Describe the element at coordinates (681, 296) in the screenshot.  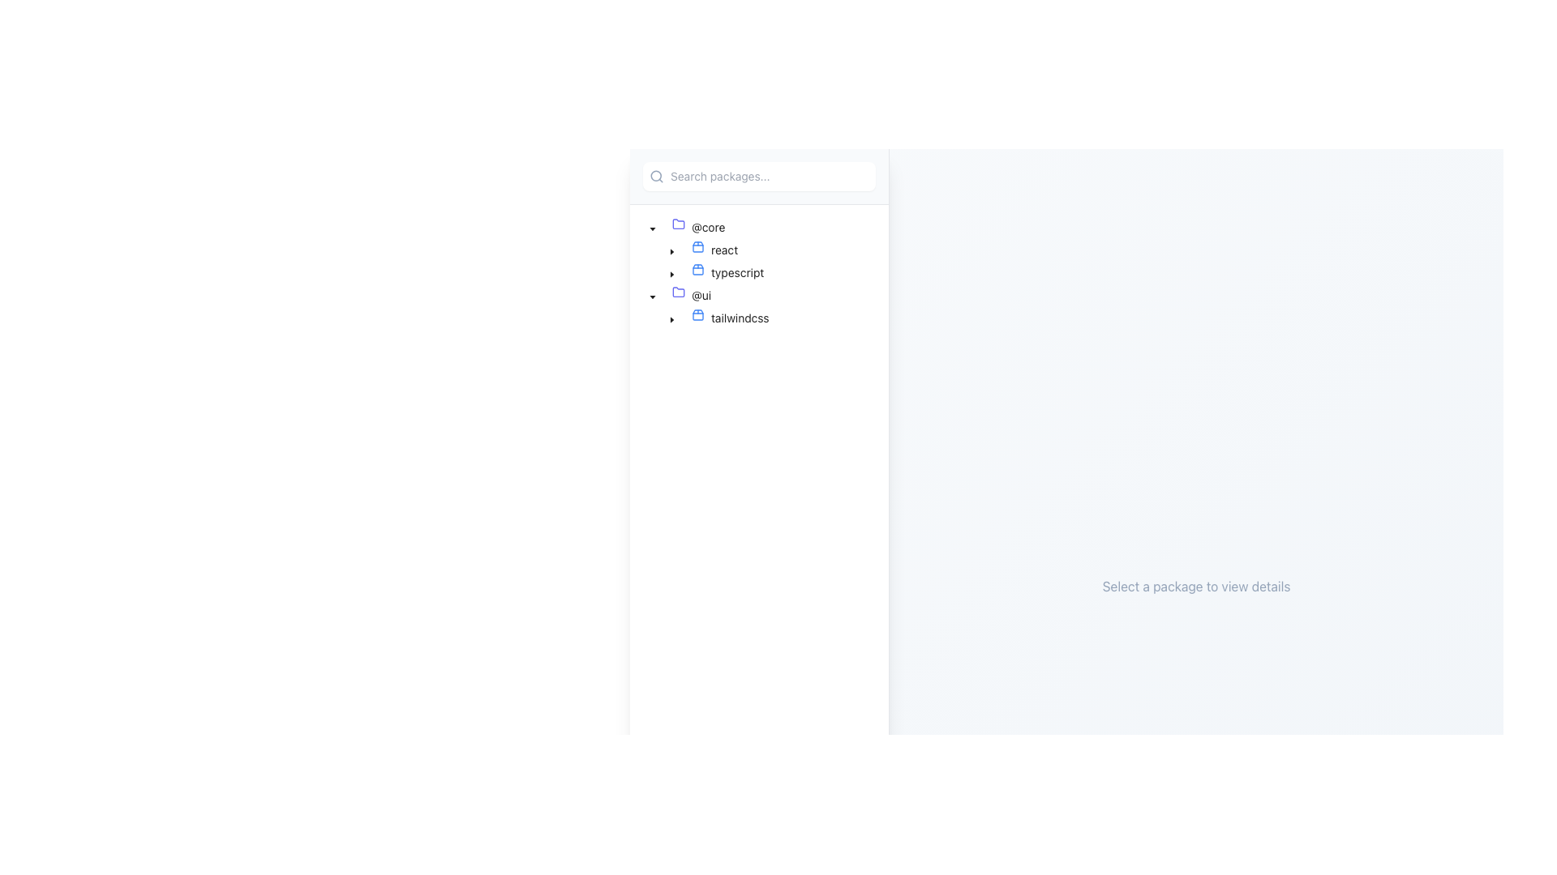
I see `the folder icon on the leftmost side of the '@ui' node's content` at that location.